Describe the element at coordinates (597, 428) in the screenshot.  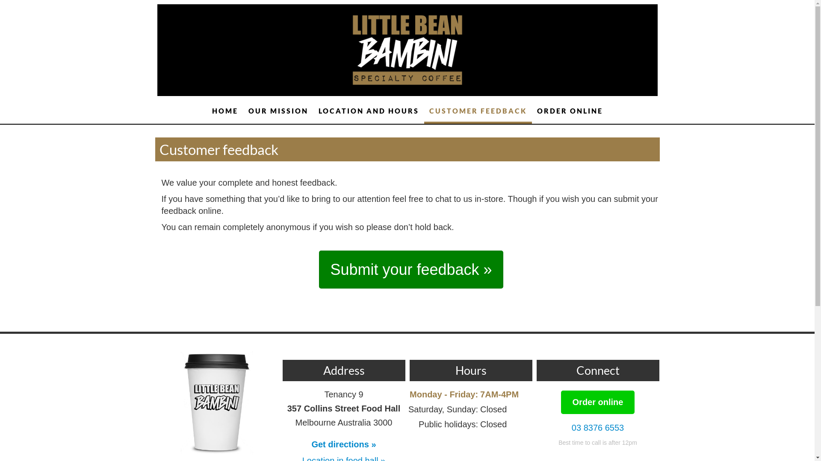
I see `'03 8376 6553'` at that location.